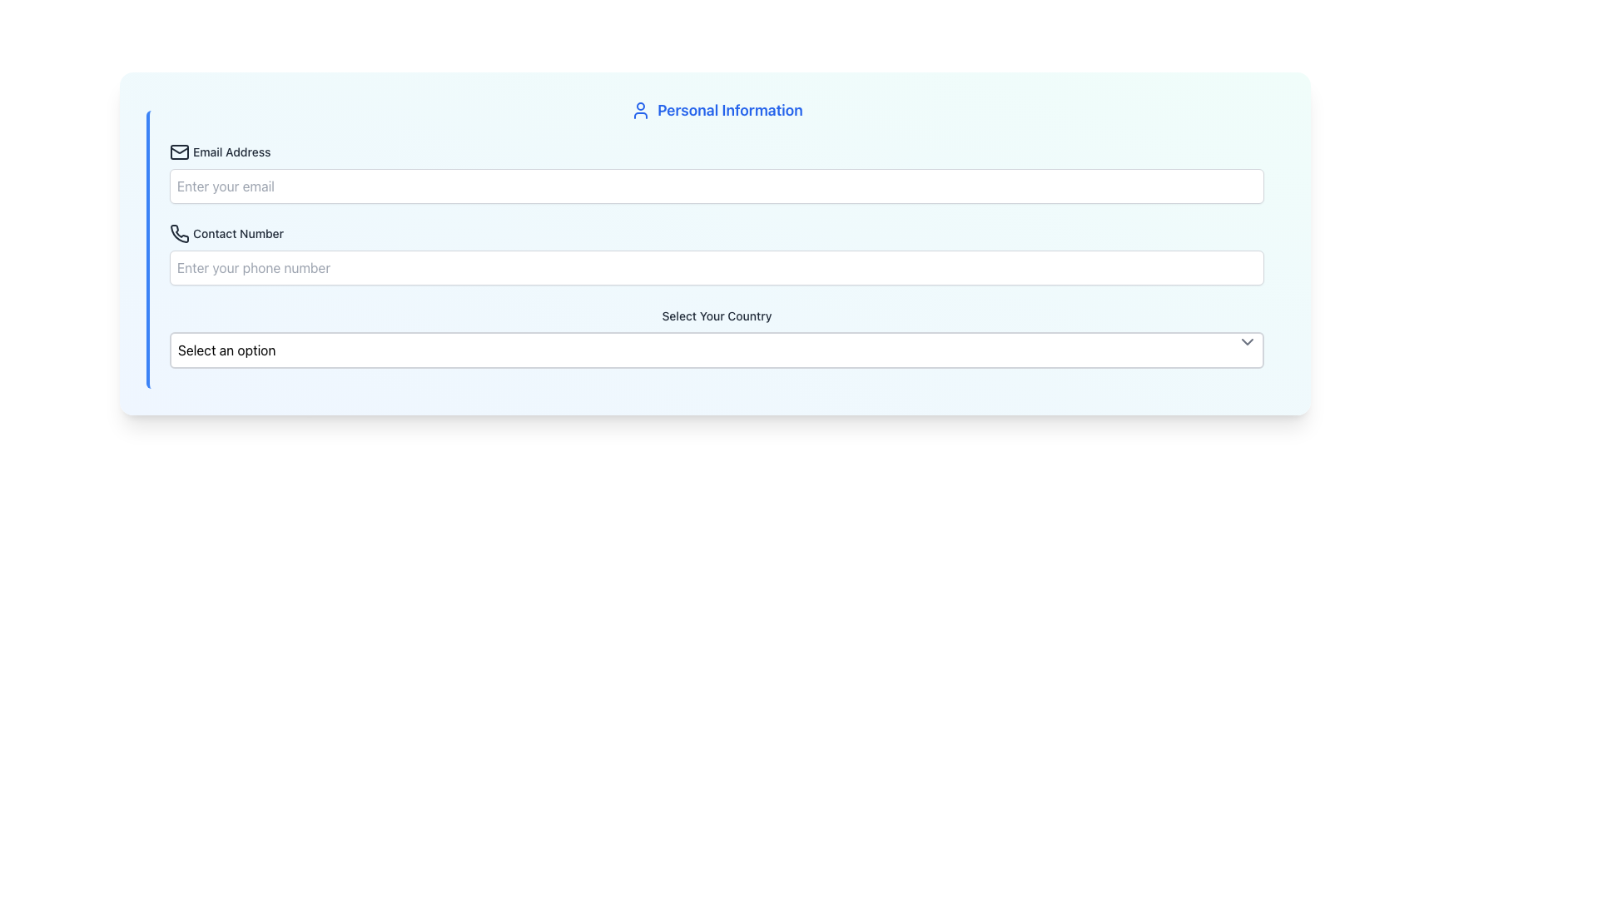 The image size is (1598, 899). What do you see at coordinates (180, 150) in the screenshot?
I see `the V-shaped graphical feature of the envelope icon, which is located to the left of the 'Email Address' label` at bounding box center [180, 150].